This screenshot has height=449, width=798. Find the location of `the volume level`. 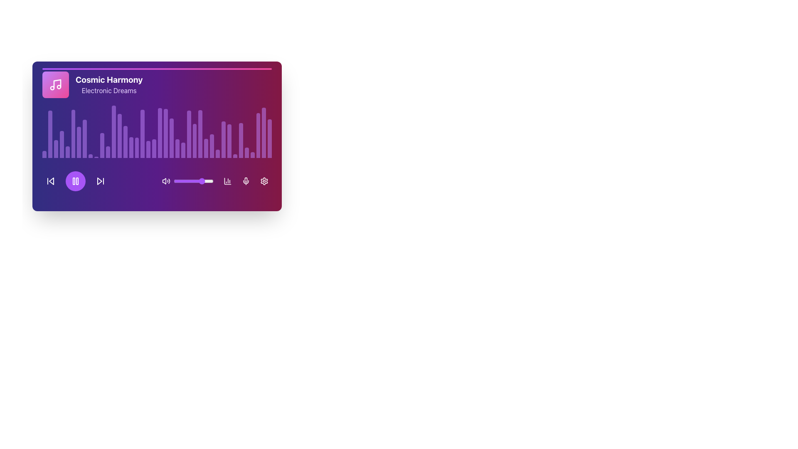

the volume level is located at coordinates (197, 180).